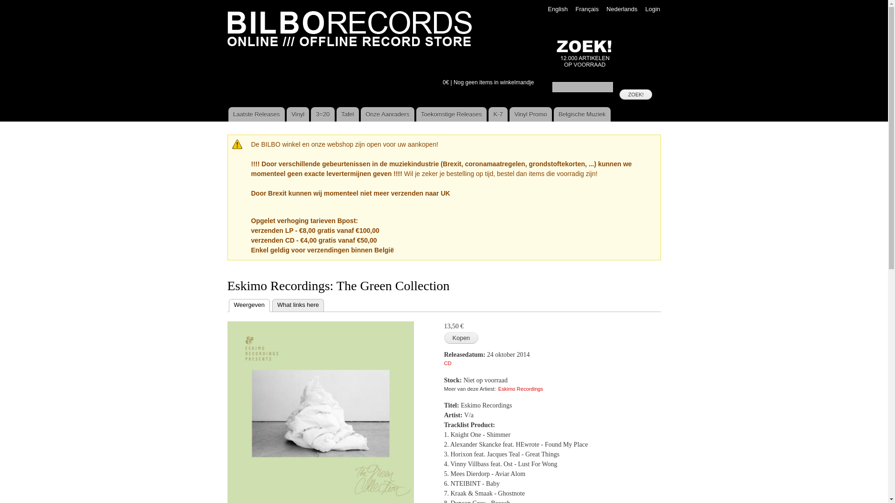  Describe the element at coordinates (497, 114) in the screenshot. I see `'K-7'` at that location.